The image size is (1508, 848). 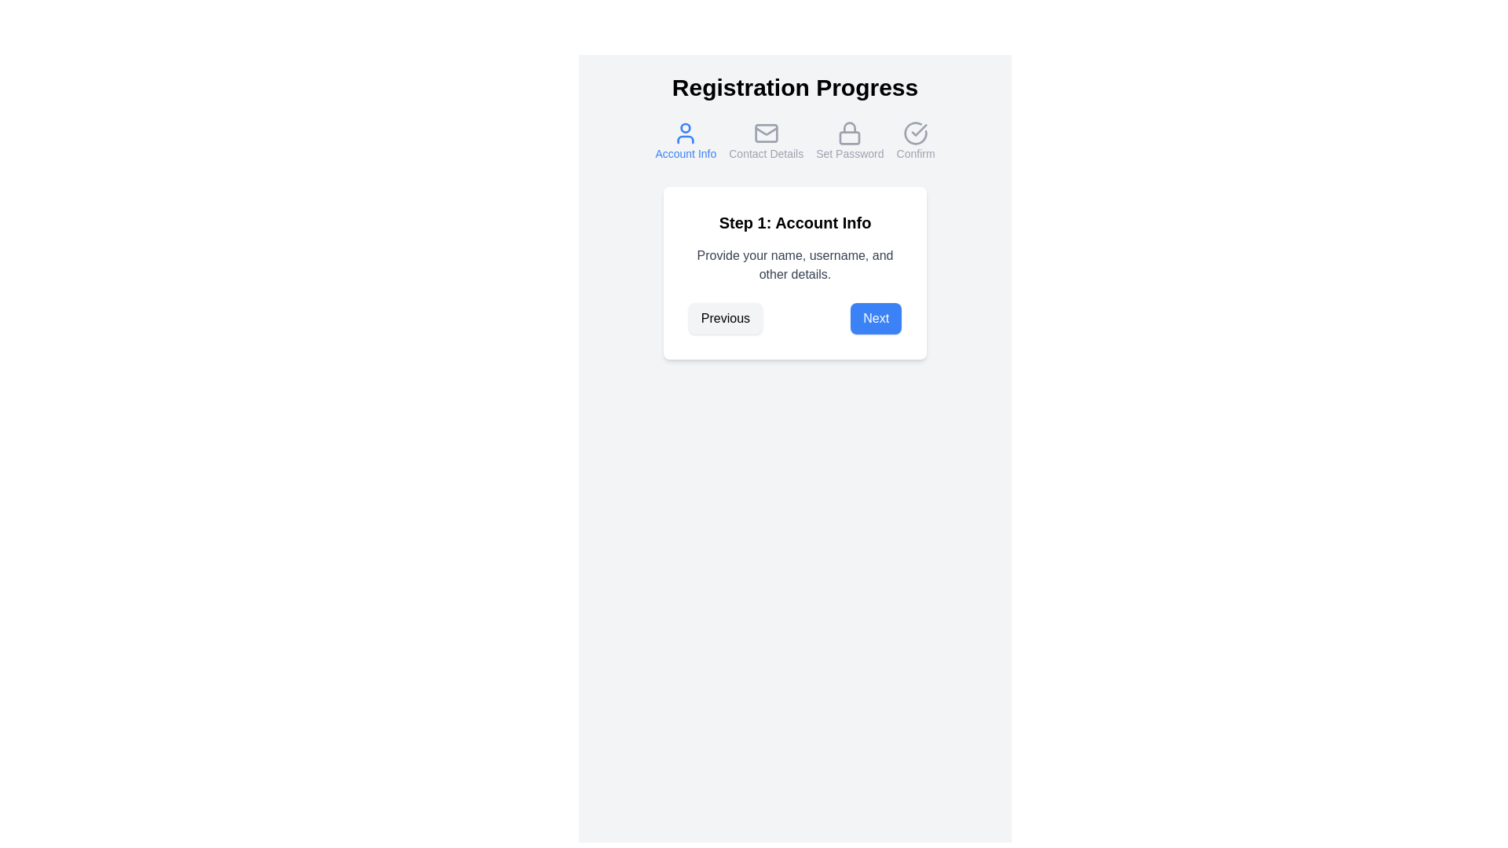 What do you see at coordinates (724, 318) in the screenshot?
I see `the inactive 'Back' navigation button located to the left of the 'Next' button in the registration process` at bounding box center [724, 318].